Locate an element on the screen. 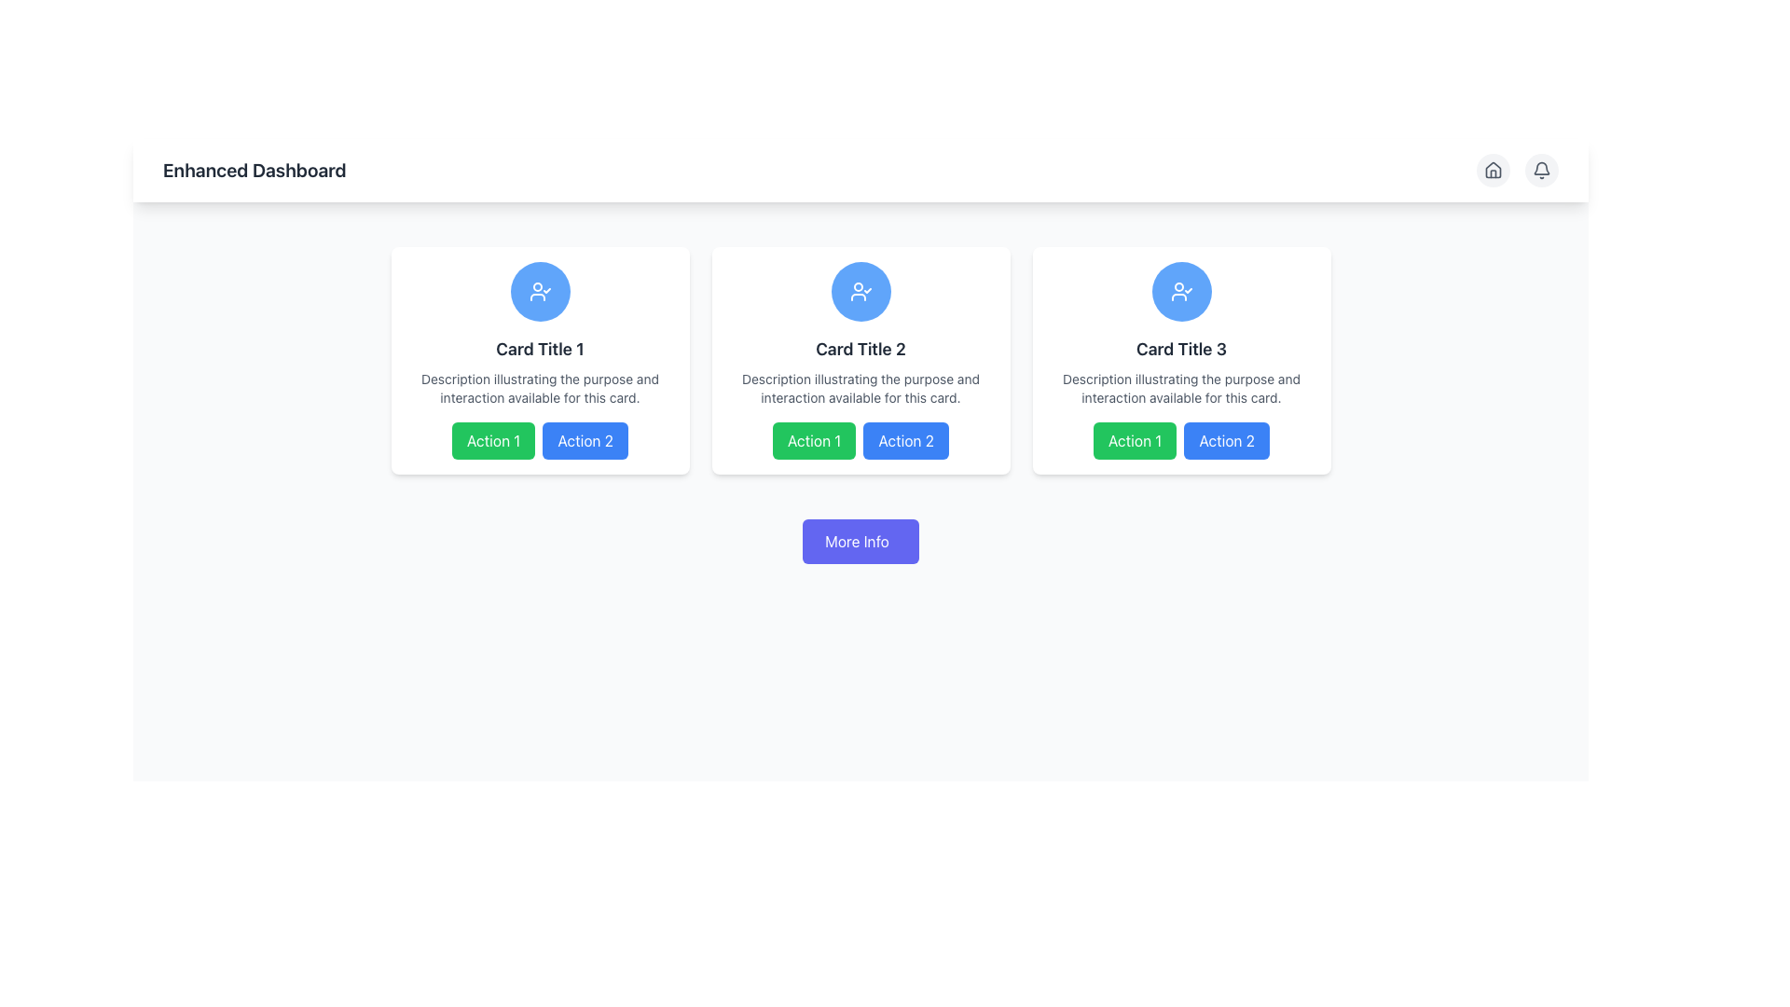 This screenshot has width=1790, height=1007. the green button labeled 'Action 1' is located at coordinates (814, 441).